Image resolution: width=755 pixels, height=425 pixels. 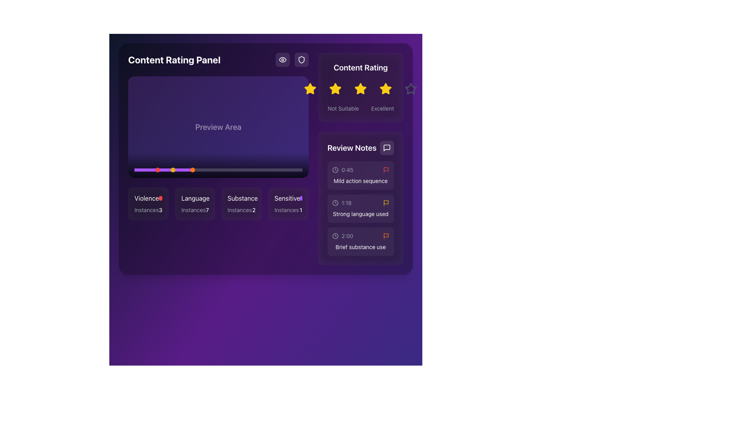 What do you see at coordinates (335, 89) in the screenshot?
I see `the second star icon in the rating system` at bounding box center [335, 89].